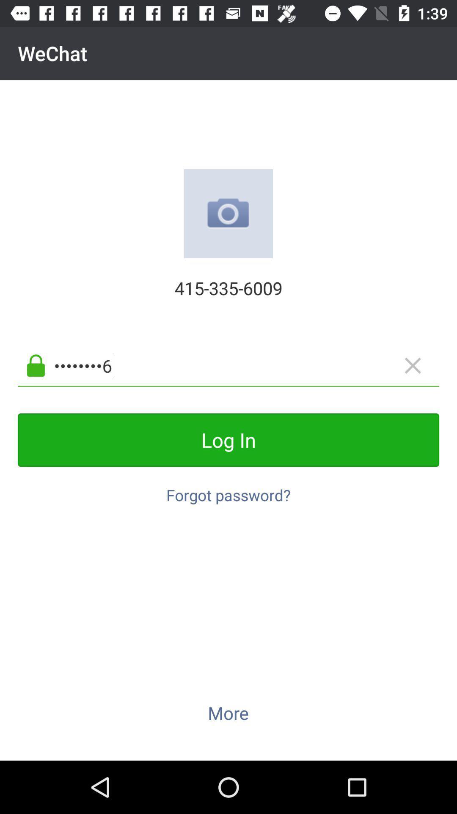  Describe the element at coordinates (228, 491) in the screenshot. I see `item below log in icon` at that location.